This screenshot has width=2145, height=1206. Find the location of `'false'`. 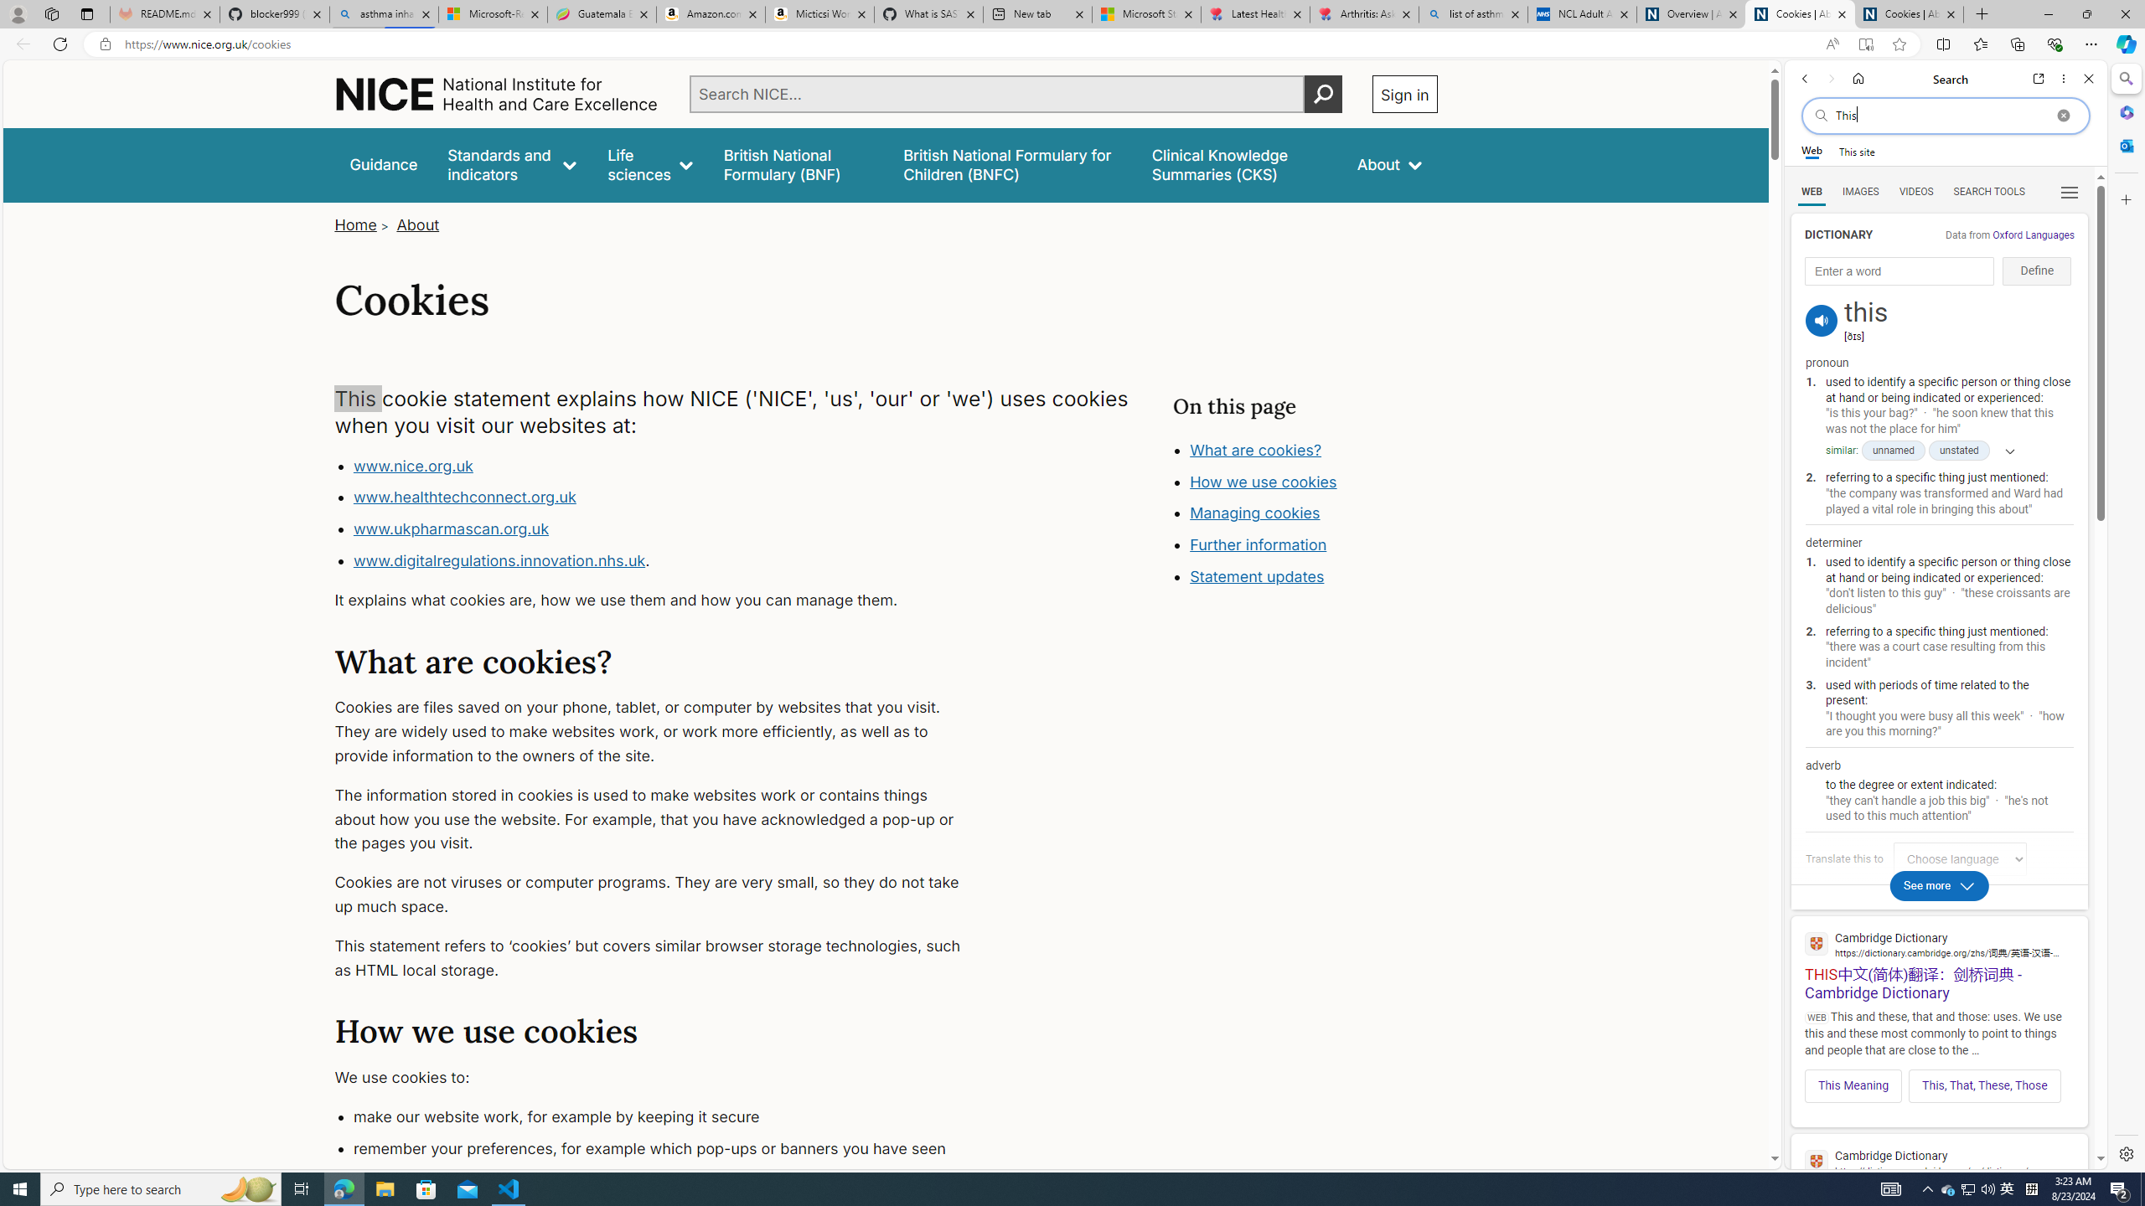

'false' is located at coordinates (1239, 164).